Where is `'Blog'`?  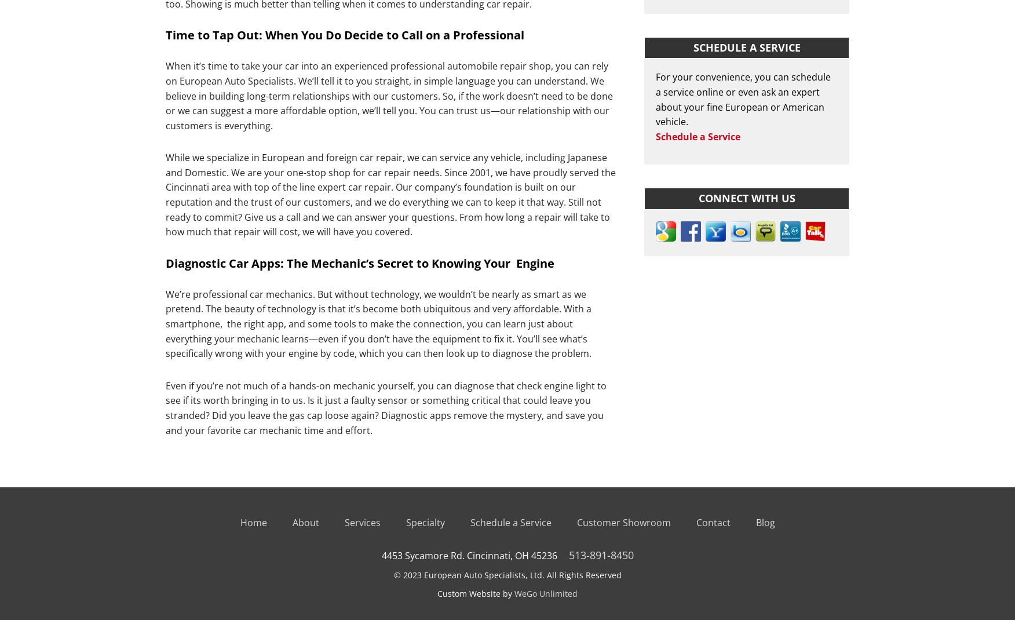 'Blog' is located at coordinates (765, 522).